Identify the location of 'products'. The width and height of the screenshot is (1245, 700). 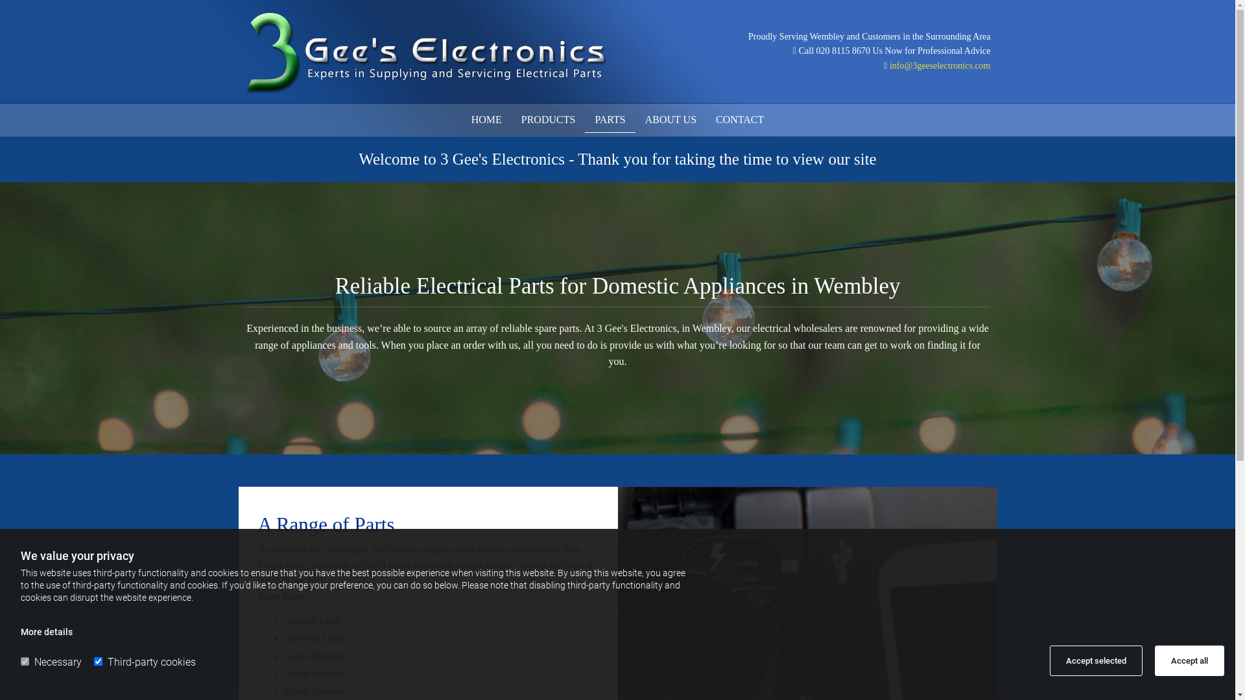
(258, 578).